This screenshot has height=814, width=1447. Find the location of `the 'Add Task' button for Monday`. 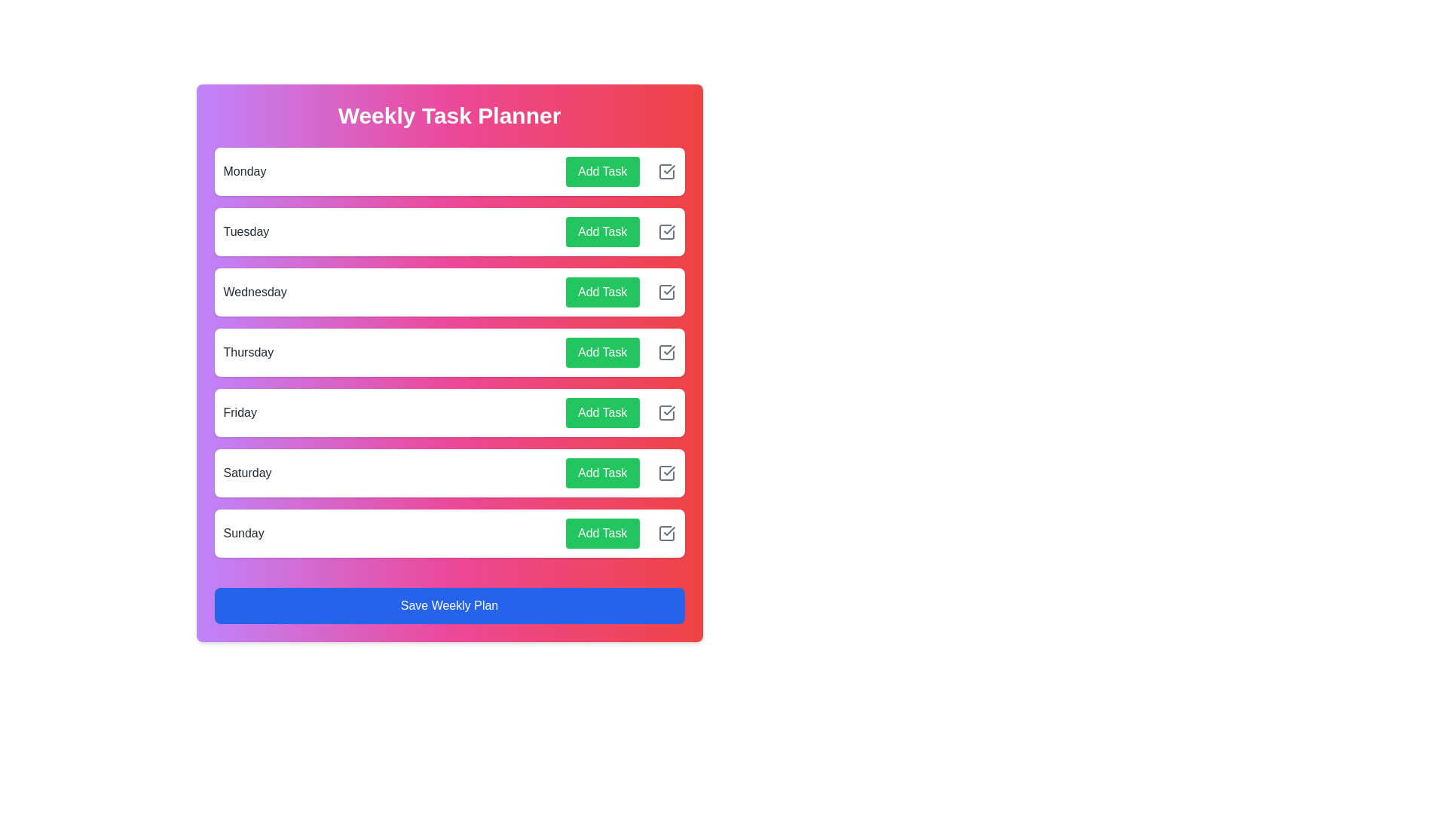

the 'Add Task' button for Monday is located at coordinates (601, 170).